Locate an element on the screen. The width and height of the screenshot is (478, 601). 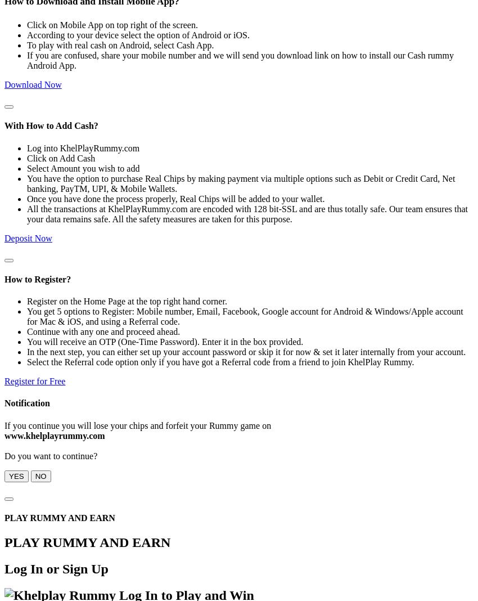
'Do you want to continue?' is located at coordinates (3, 455).